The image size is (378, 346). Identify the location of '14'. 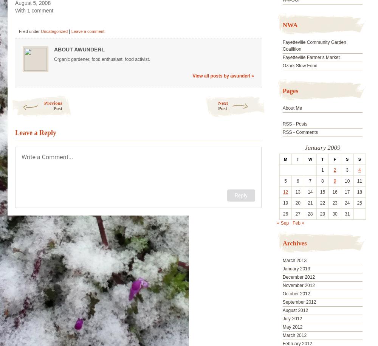
(310, 192).